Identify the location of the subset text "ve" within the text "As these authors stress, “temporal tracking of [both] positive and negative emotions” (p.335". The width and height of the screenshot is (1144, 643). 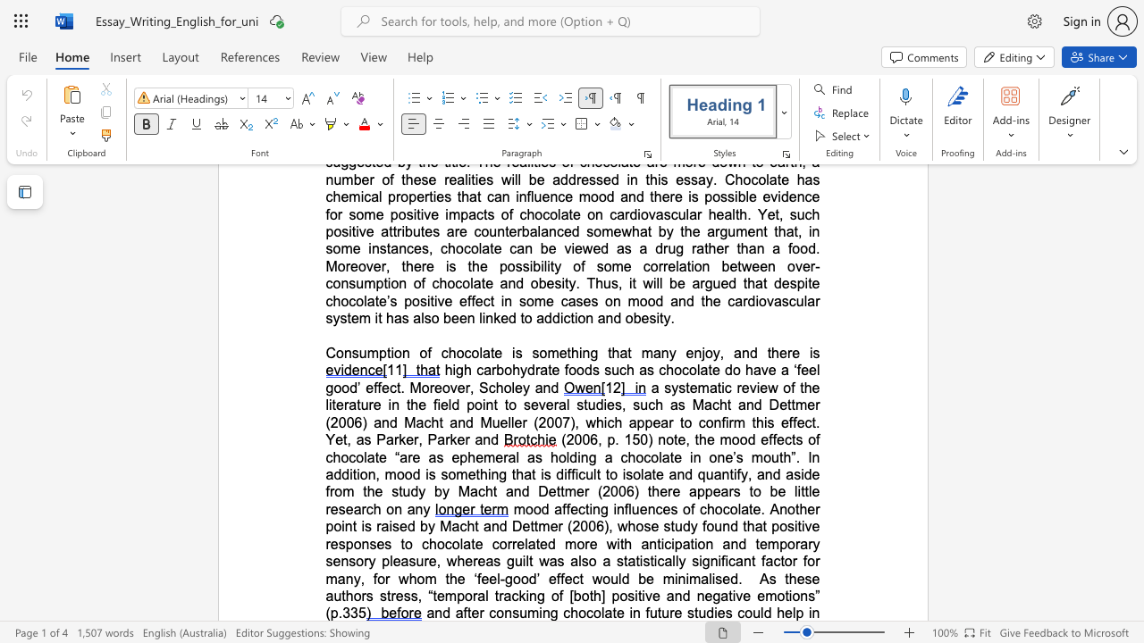
(736, 596).